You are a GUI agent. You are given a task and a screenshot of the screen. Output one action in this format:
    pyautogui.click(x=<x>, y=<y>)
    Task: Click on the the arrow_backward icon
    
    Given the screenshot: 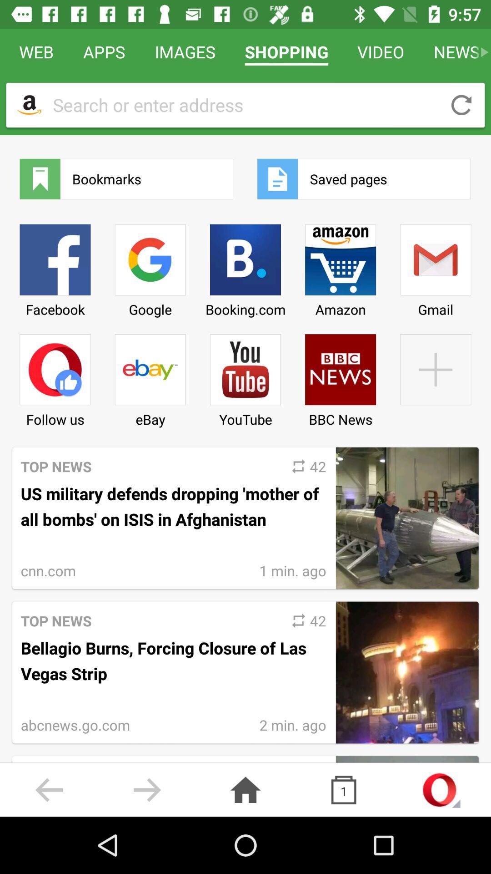 What is the action you would take?
    pyautogui.click(x=49, y=789)
    